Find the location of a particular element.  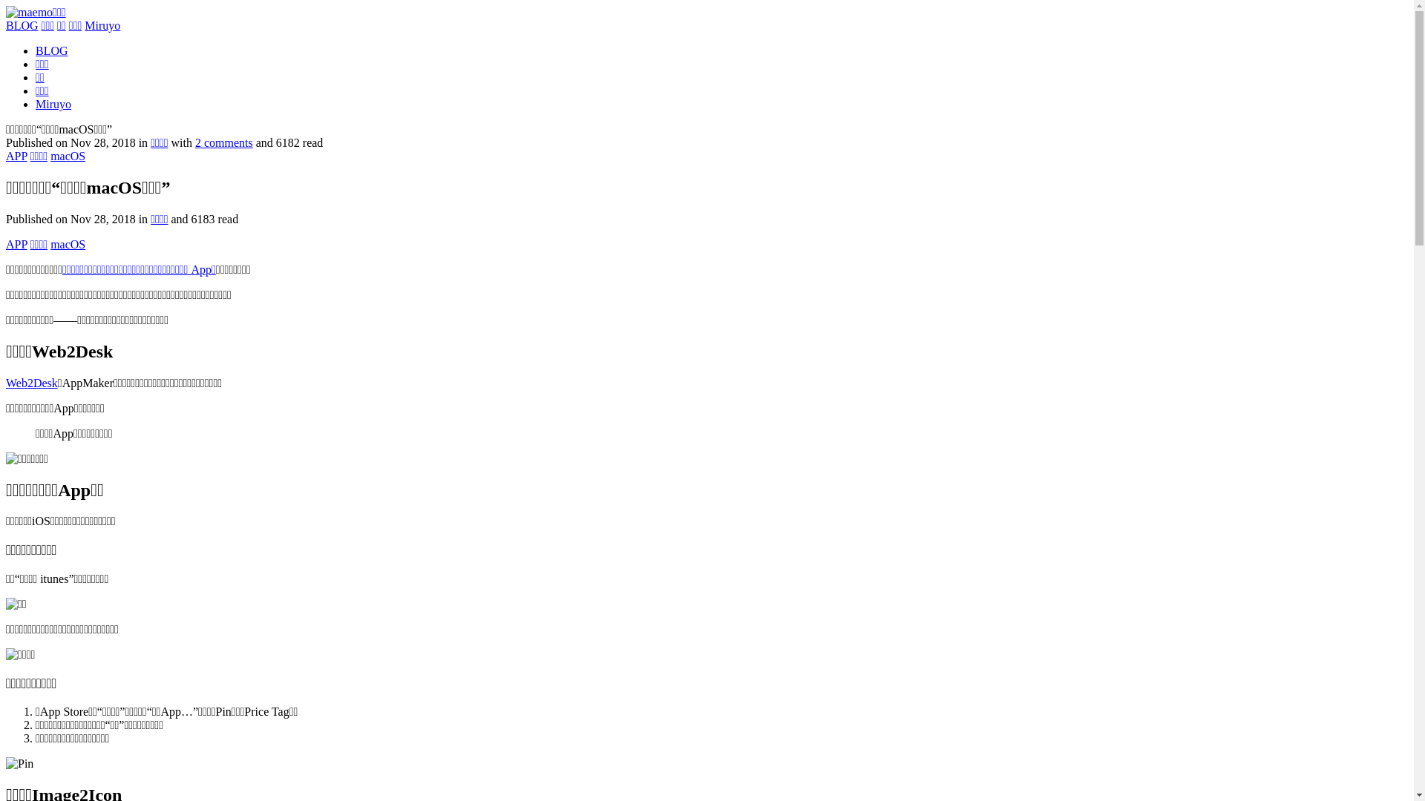

'macOS' is located at coordinates (67, 243).